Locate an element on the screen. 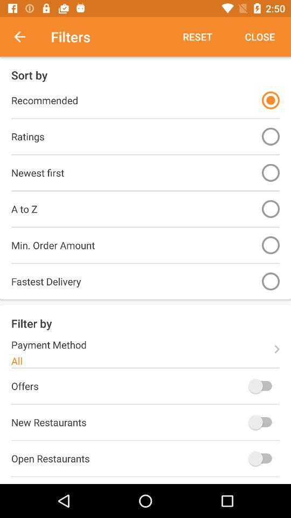  offer filter is located at coordinates (262, 386).